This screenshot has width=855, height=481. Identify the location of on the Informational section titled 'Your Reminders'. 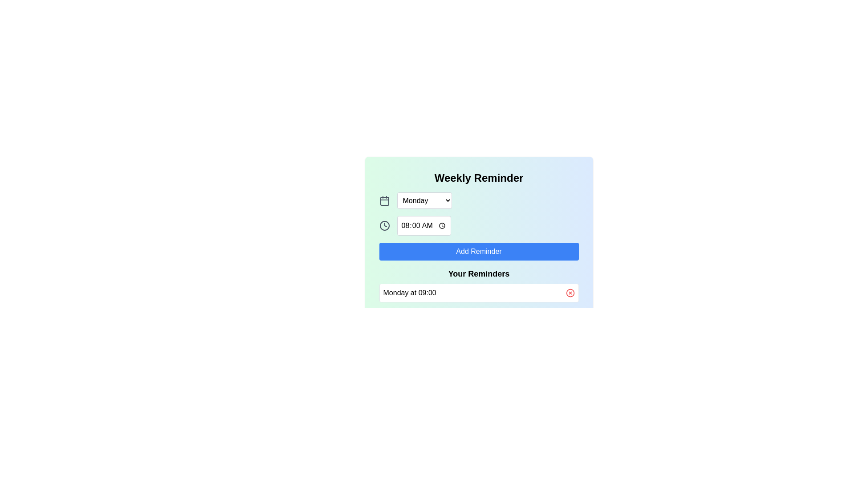
(478, 285).